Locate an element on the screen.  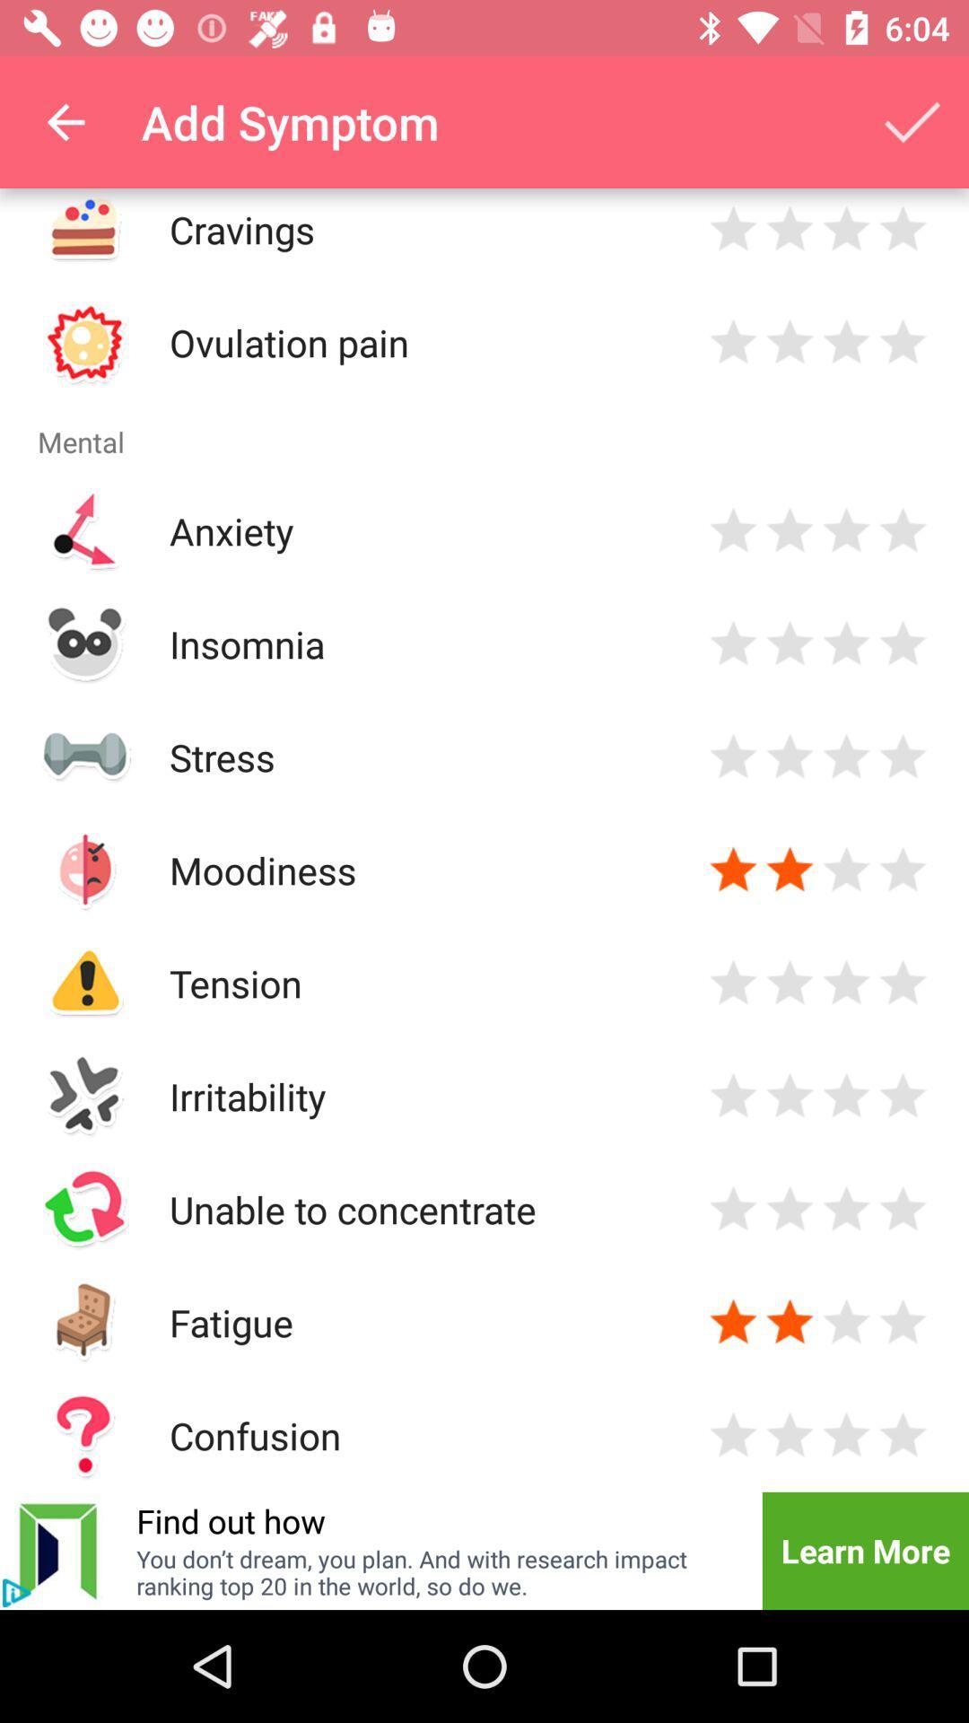
the info icon is located at coordinates (16, 1593).